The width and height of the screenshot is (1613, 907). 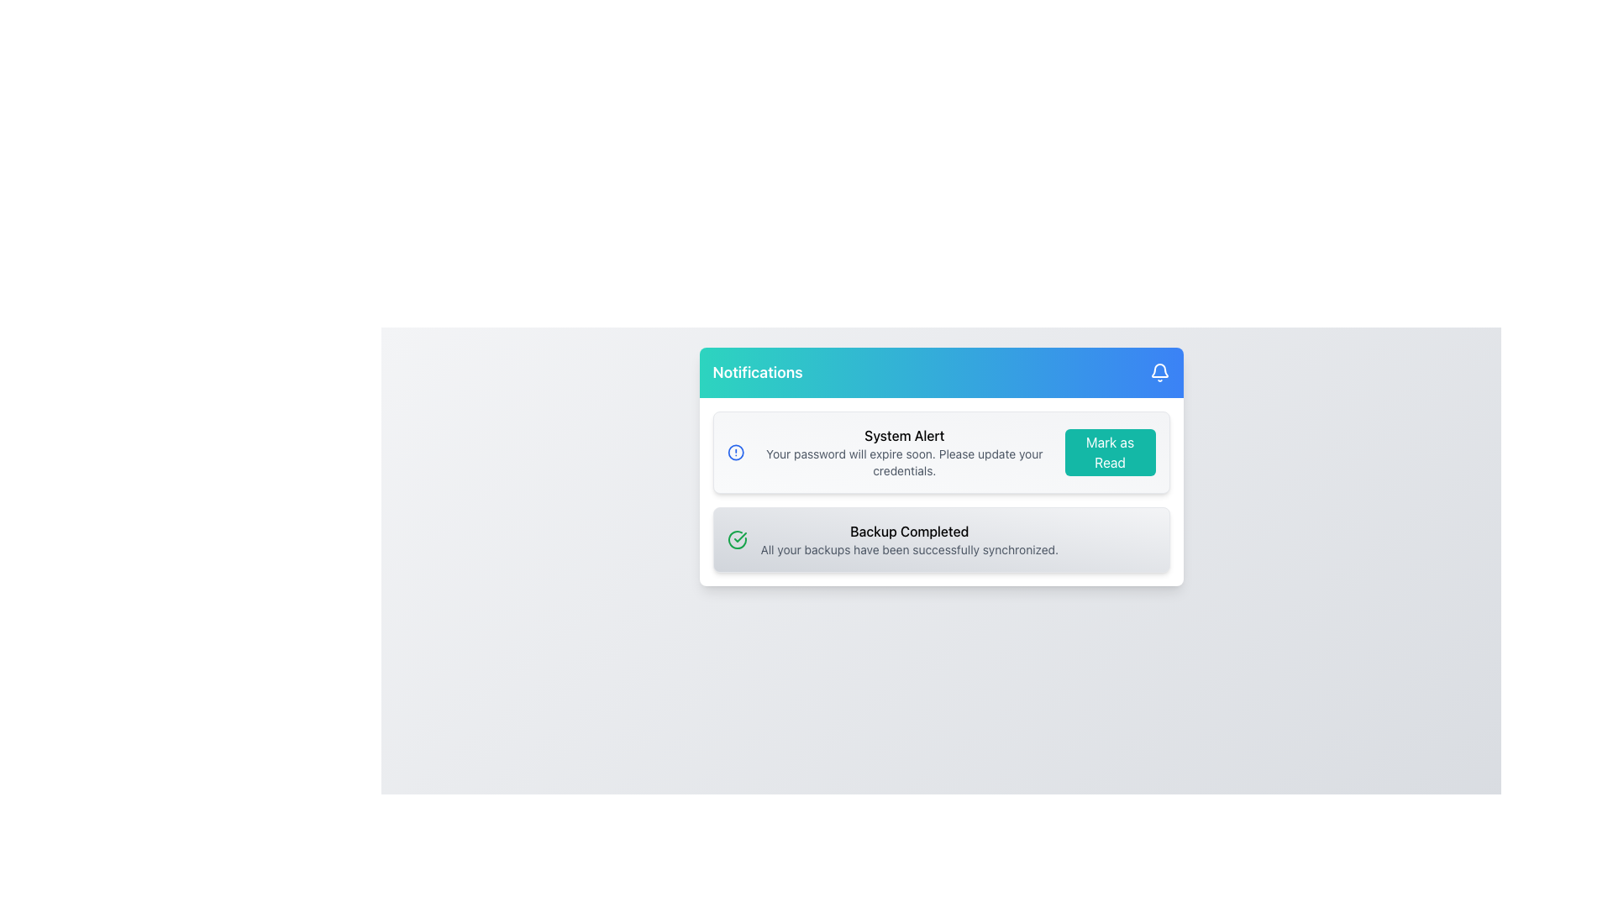 What do you see at coordinates (903, 435) in the screenshot?
I see `the title text label in the top notification card of the 'Notifications' interface that informs the user about the message nature` at bounding box center [903, 435].